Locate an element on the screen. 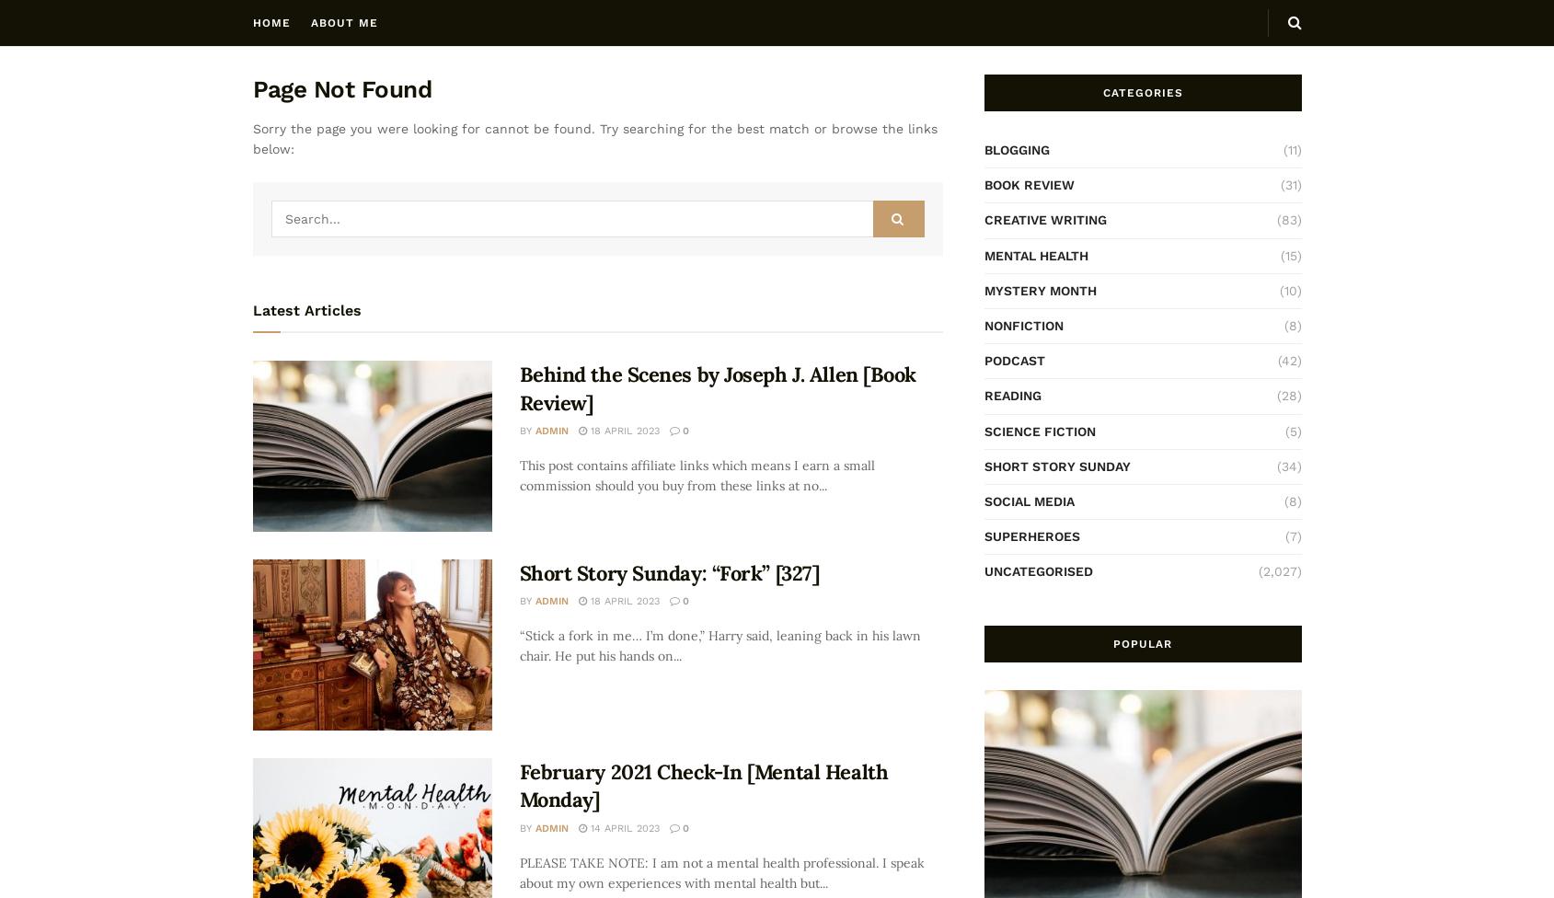 This screenshot has width=1554, height=898. 'Page Not Found' is located at coordinates (250, 89).